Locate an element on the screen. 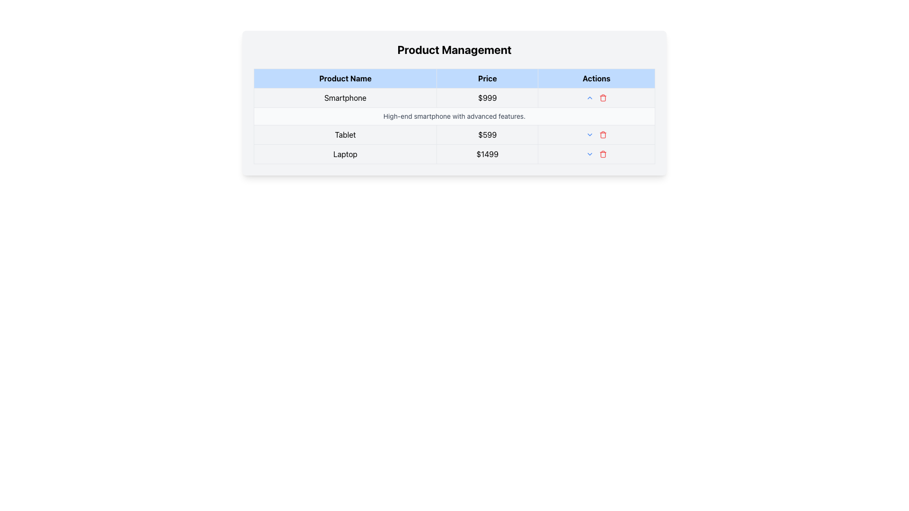  the blank UI component located in the 'Actions' column of the first row in the product data table, which is adjacent to an upward-pointing arrow and a trash icon is located at coordinates (596, 98).